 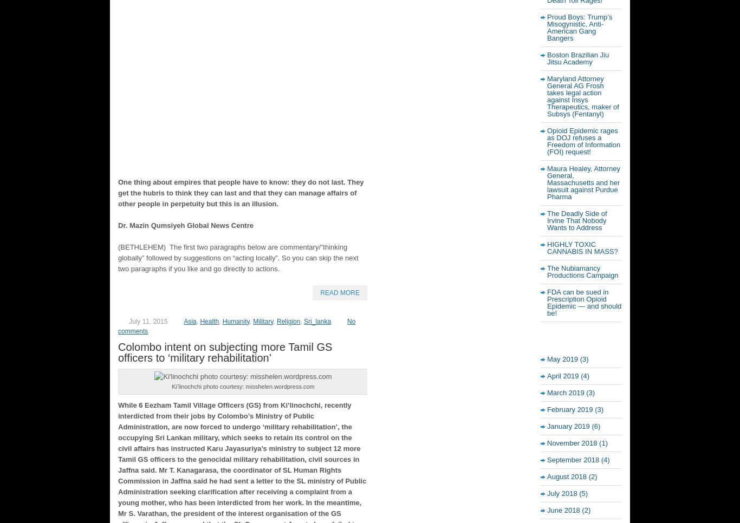 What do you see at coordinates (582, 493) in the screenshot?
I see `'(5)'` at bounding box center [582, 493].